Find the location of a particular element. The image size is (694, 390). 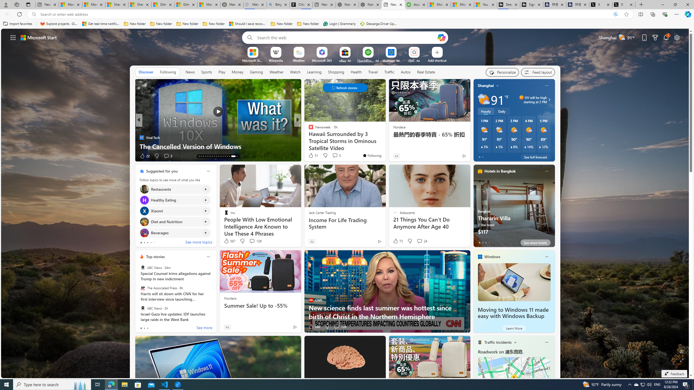

'AutomationID: tab-32' is located at coordinates (233, 156).